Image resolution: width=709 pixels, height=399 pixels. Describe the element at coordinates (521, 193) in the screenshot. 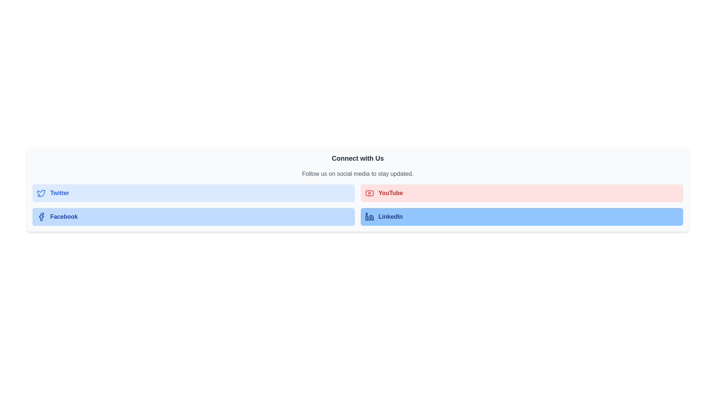

I see `the YouTube button, which is a clickable button styled as a hyperlink with a light red background and contains a YouTube logo and bold red text reading 'YouTube'` at that location.